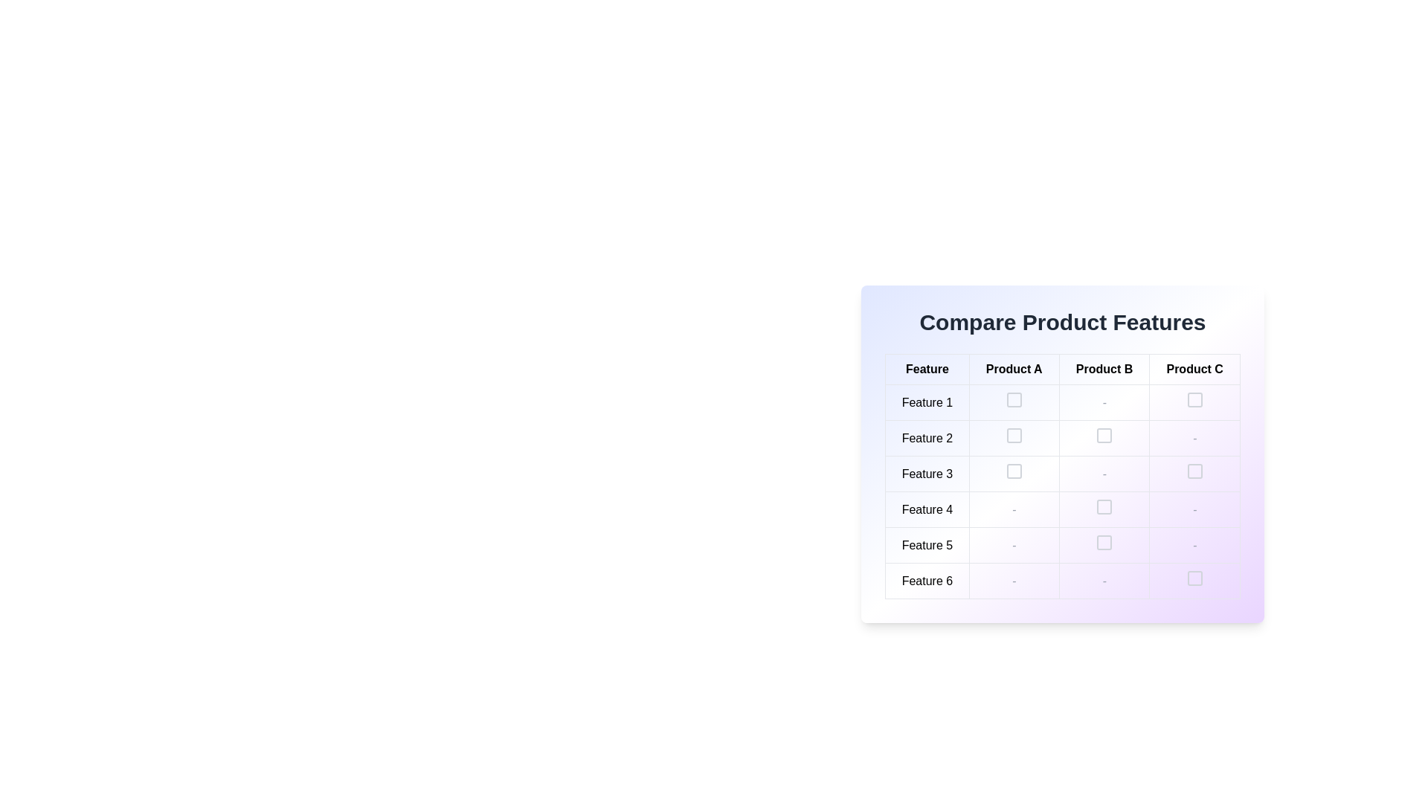 This screenshot has height=803, width=1428. I want to click on the table cell located in the fourth row under 'Product C', so click(1194, 509).